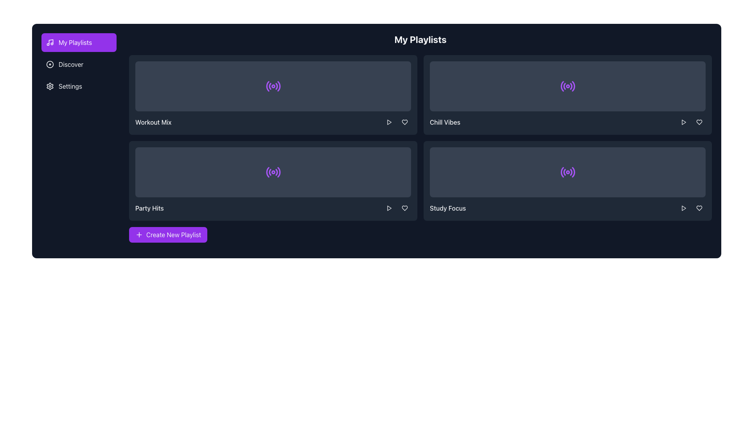 The height and width of the screenshot is (422, 751). I want to click on the larger circular SVG graphic located in the navigation sidebar next to the 'Discover' option, so click(50, 64).